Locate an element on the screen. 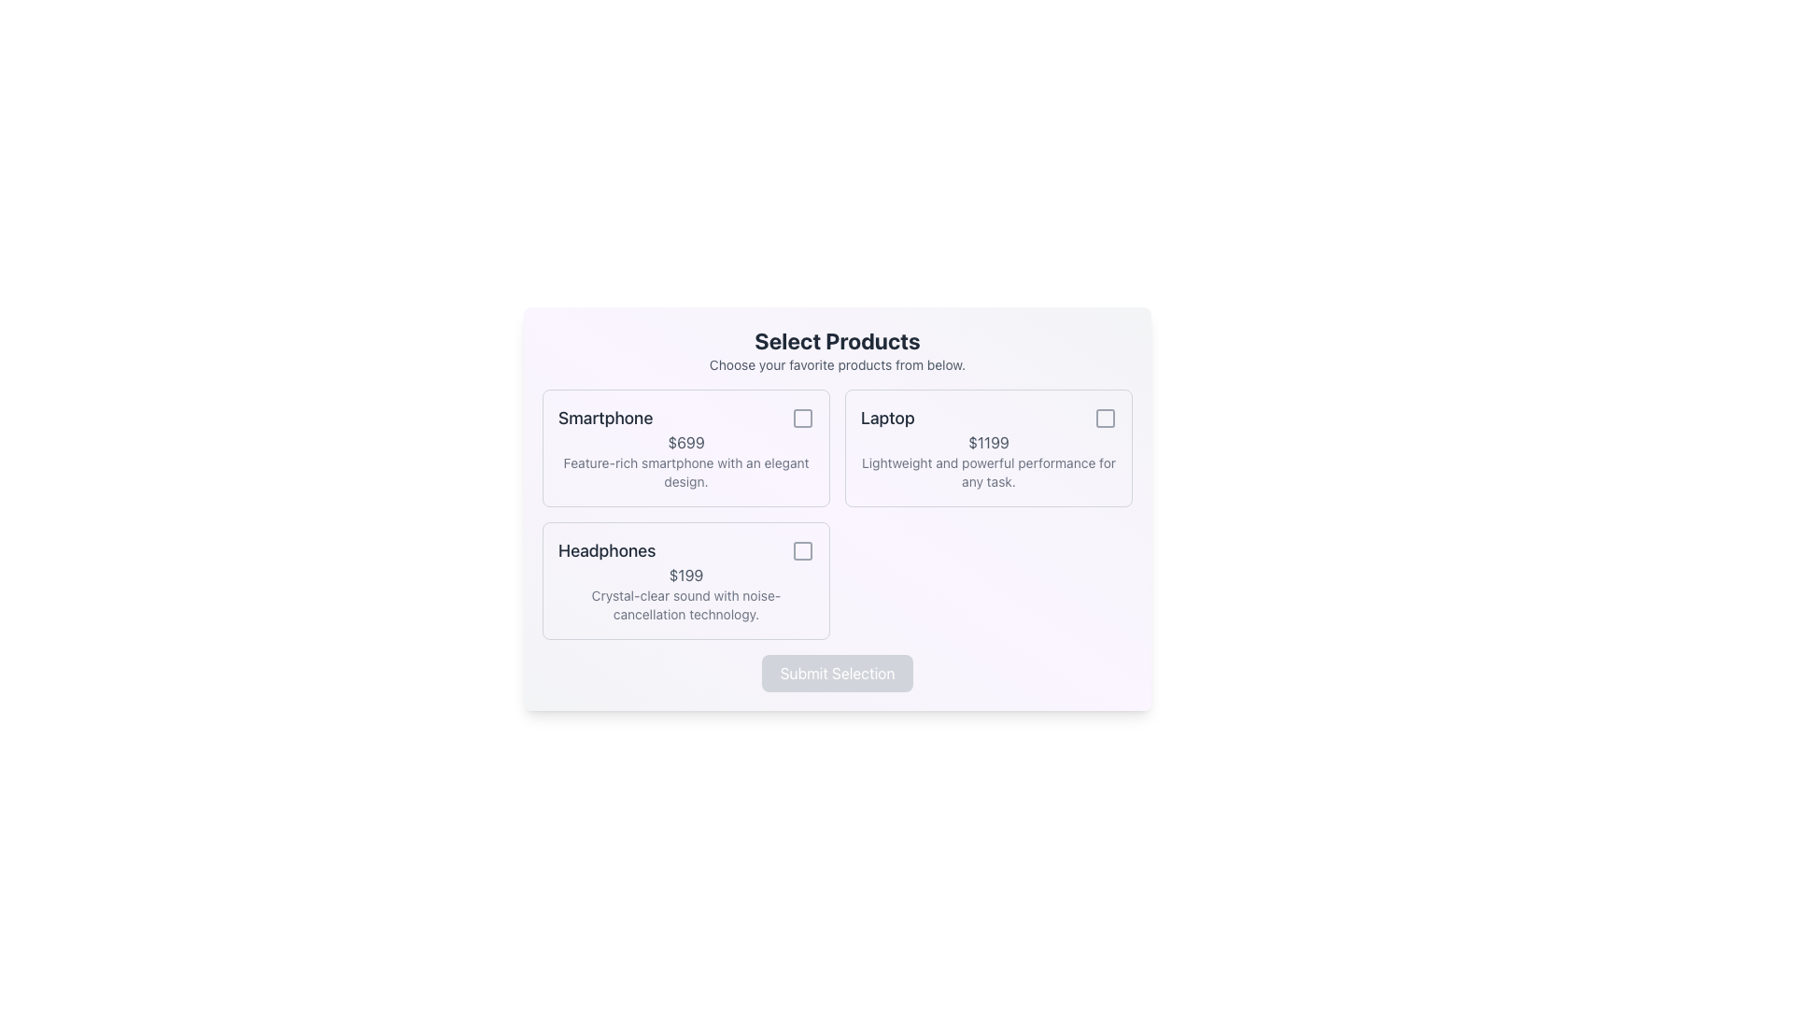  the checkbox next to the 'Smartphone' option is located at coordinates (802, 417).